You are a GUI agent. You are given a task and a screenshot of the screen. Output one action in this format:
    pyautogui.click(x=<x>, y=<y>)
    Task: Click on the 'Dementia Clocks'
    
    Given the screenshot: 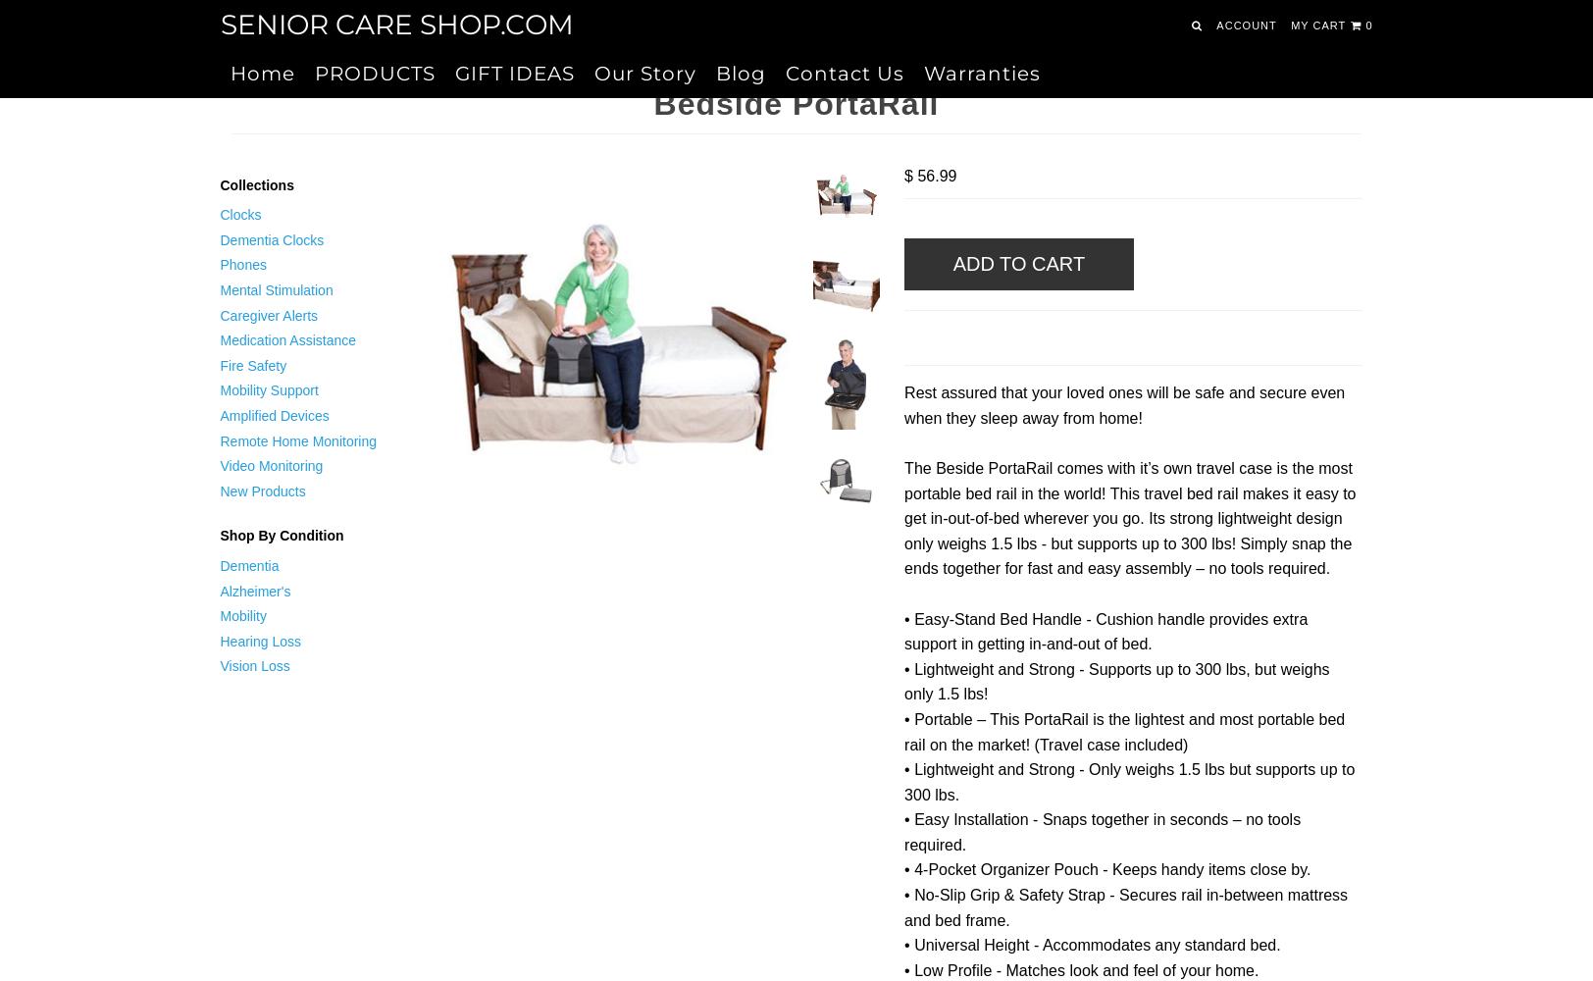 What is the action you would take?
    pyautogui.click(x=219, y=238)
    